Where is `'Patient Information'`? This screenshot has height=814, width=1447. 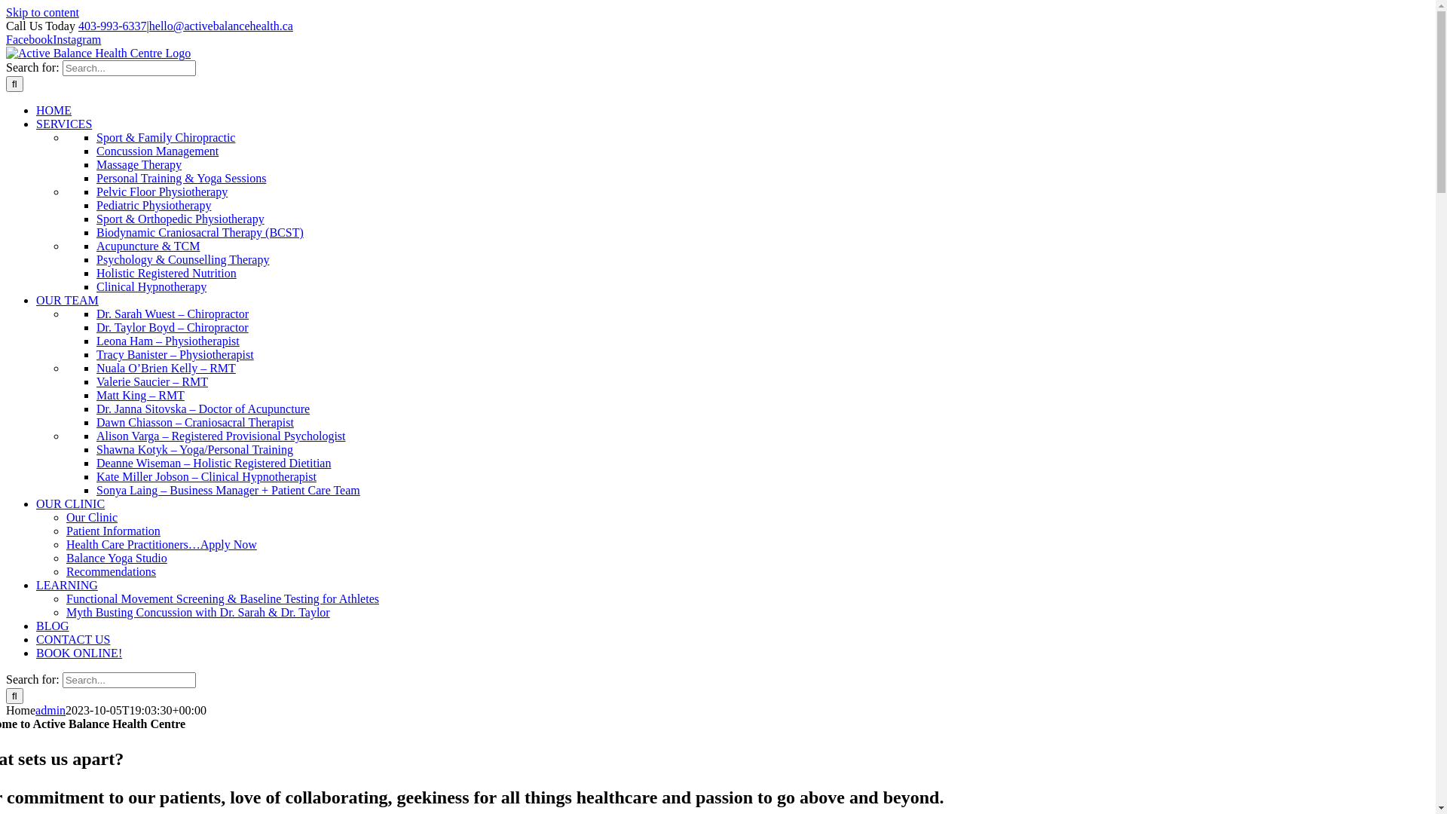 'Patient Information' is located at coordinates (112, 530).